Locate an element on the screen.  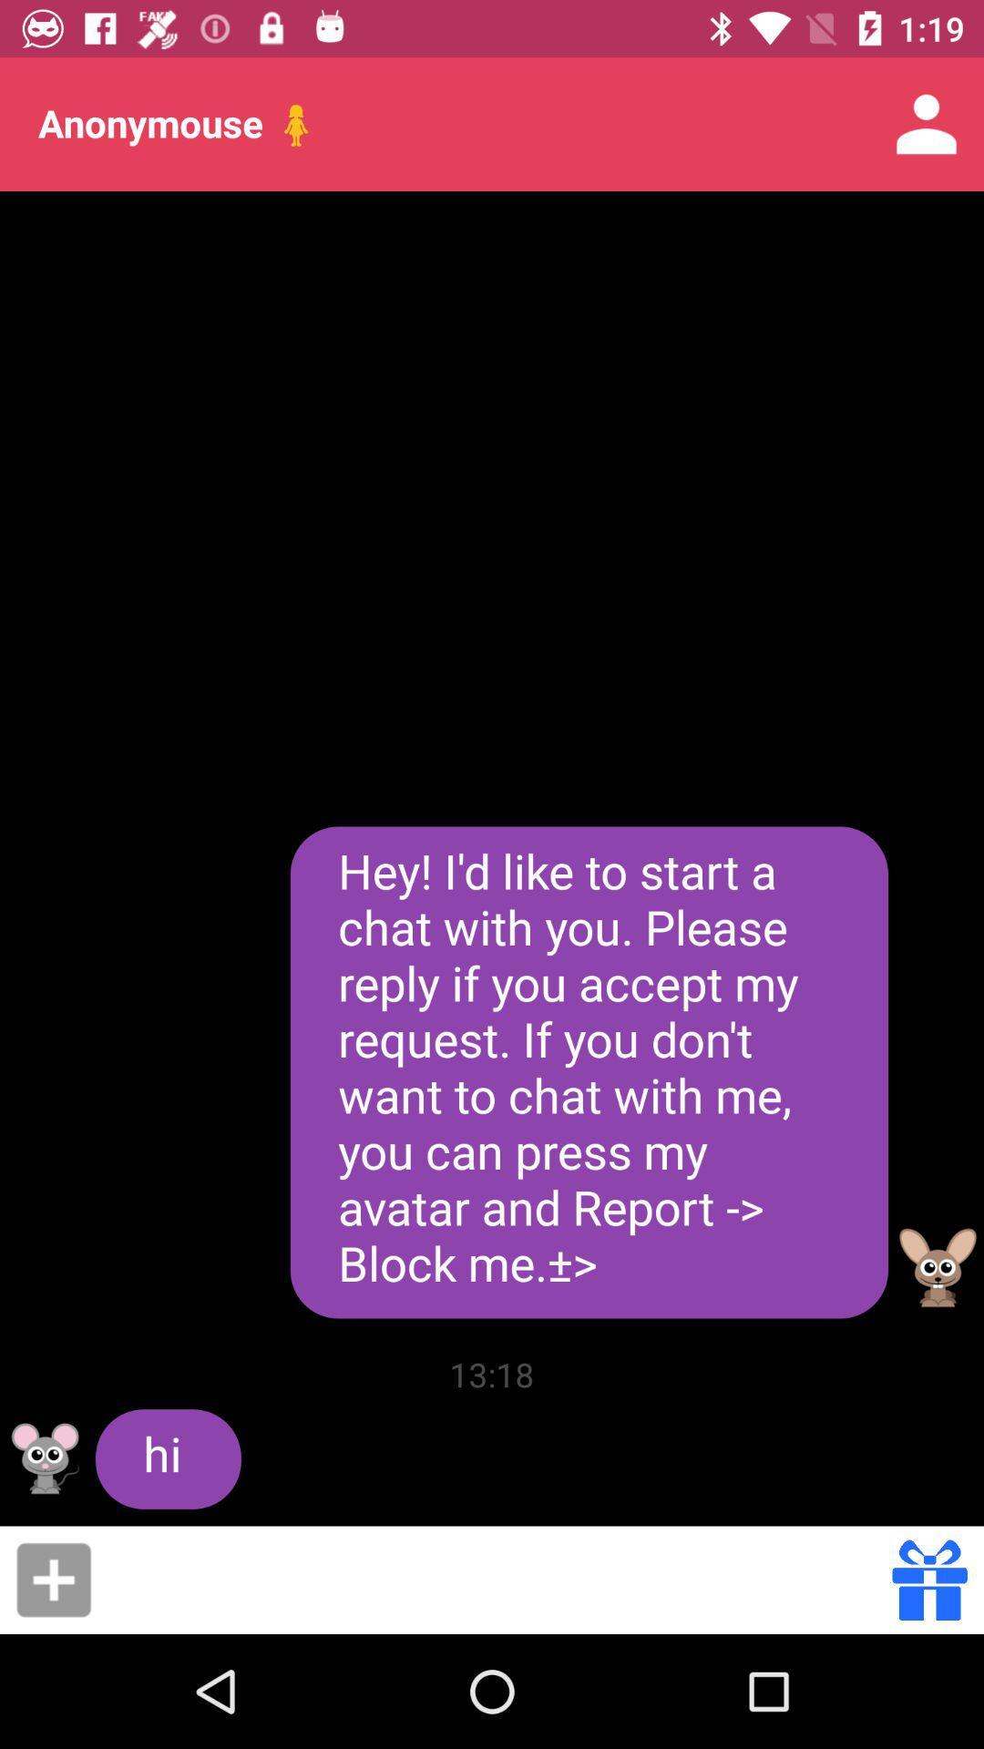
share the message is located at coordinates (497, 1579).